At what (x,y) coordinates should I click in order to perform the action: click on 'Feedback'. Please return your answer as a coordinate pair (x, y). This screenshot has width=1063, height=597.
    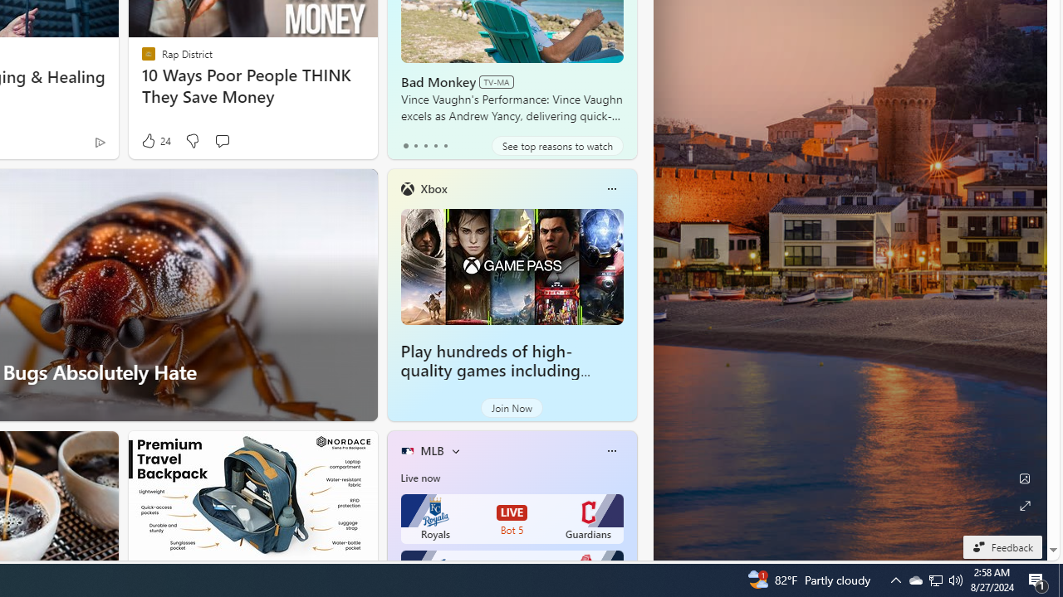
    Looking at the image, I should click on (1001, 546).